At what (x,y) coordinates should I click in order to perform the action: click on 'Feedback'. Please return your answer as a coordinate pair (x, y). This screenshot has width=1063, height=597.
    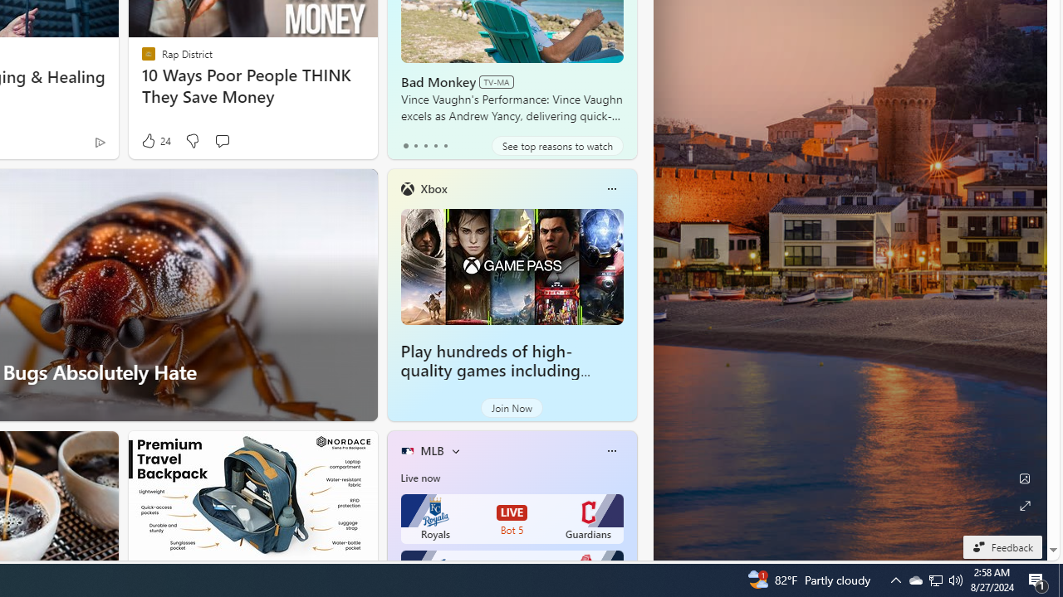
    Looking at the image, I should click on (1001, 546).